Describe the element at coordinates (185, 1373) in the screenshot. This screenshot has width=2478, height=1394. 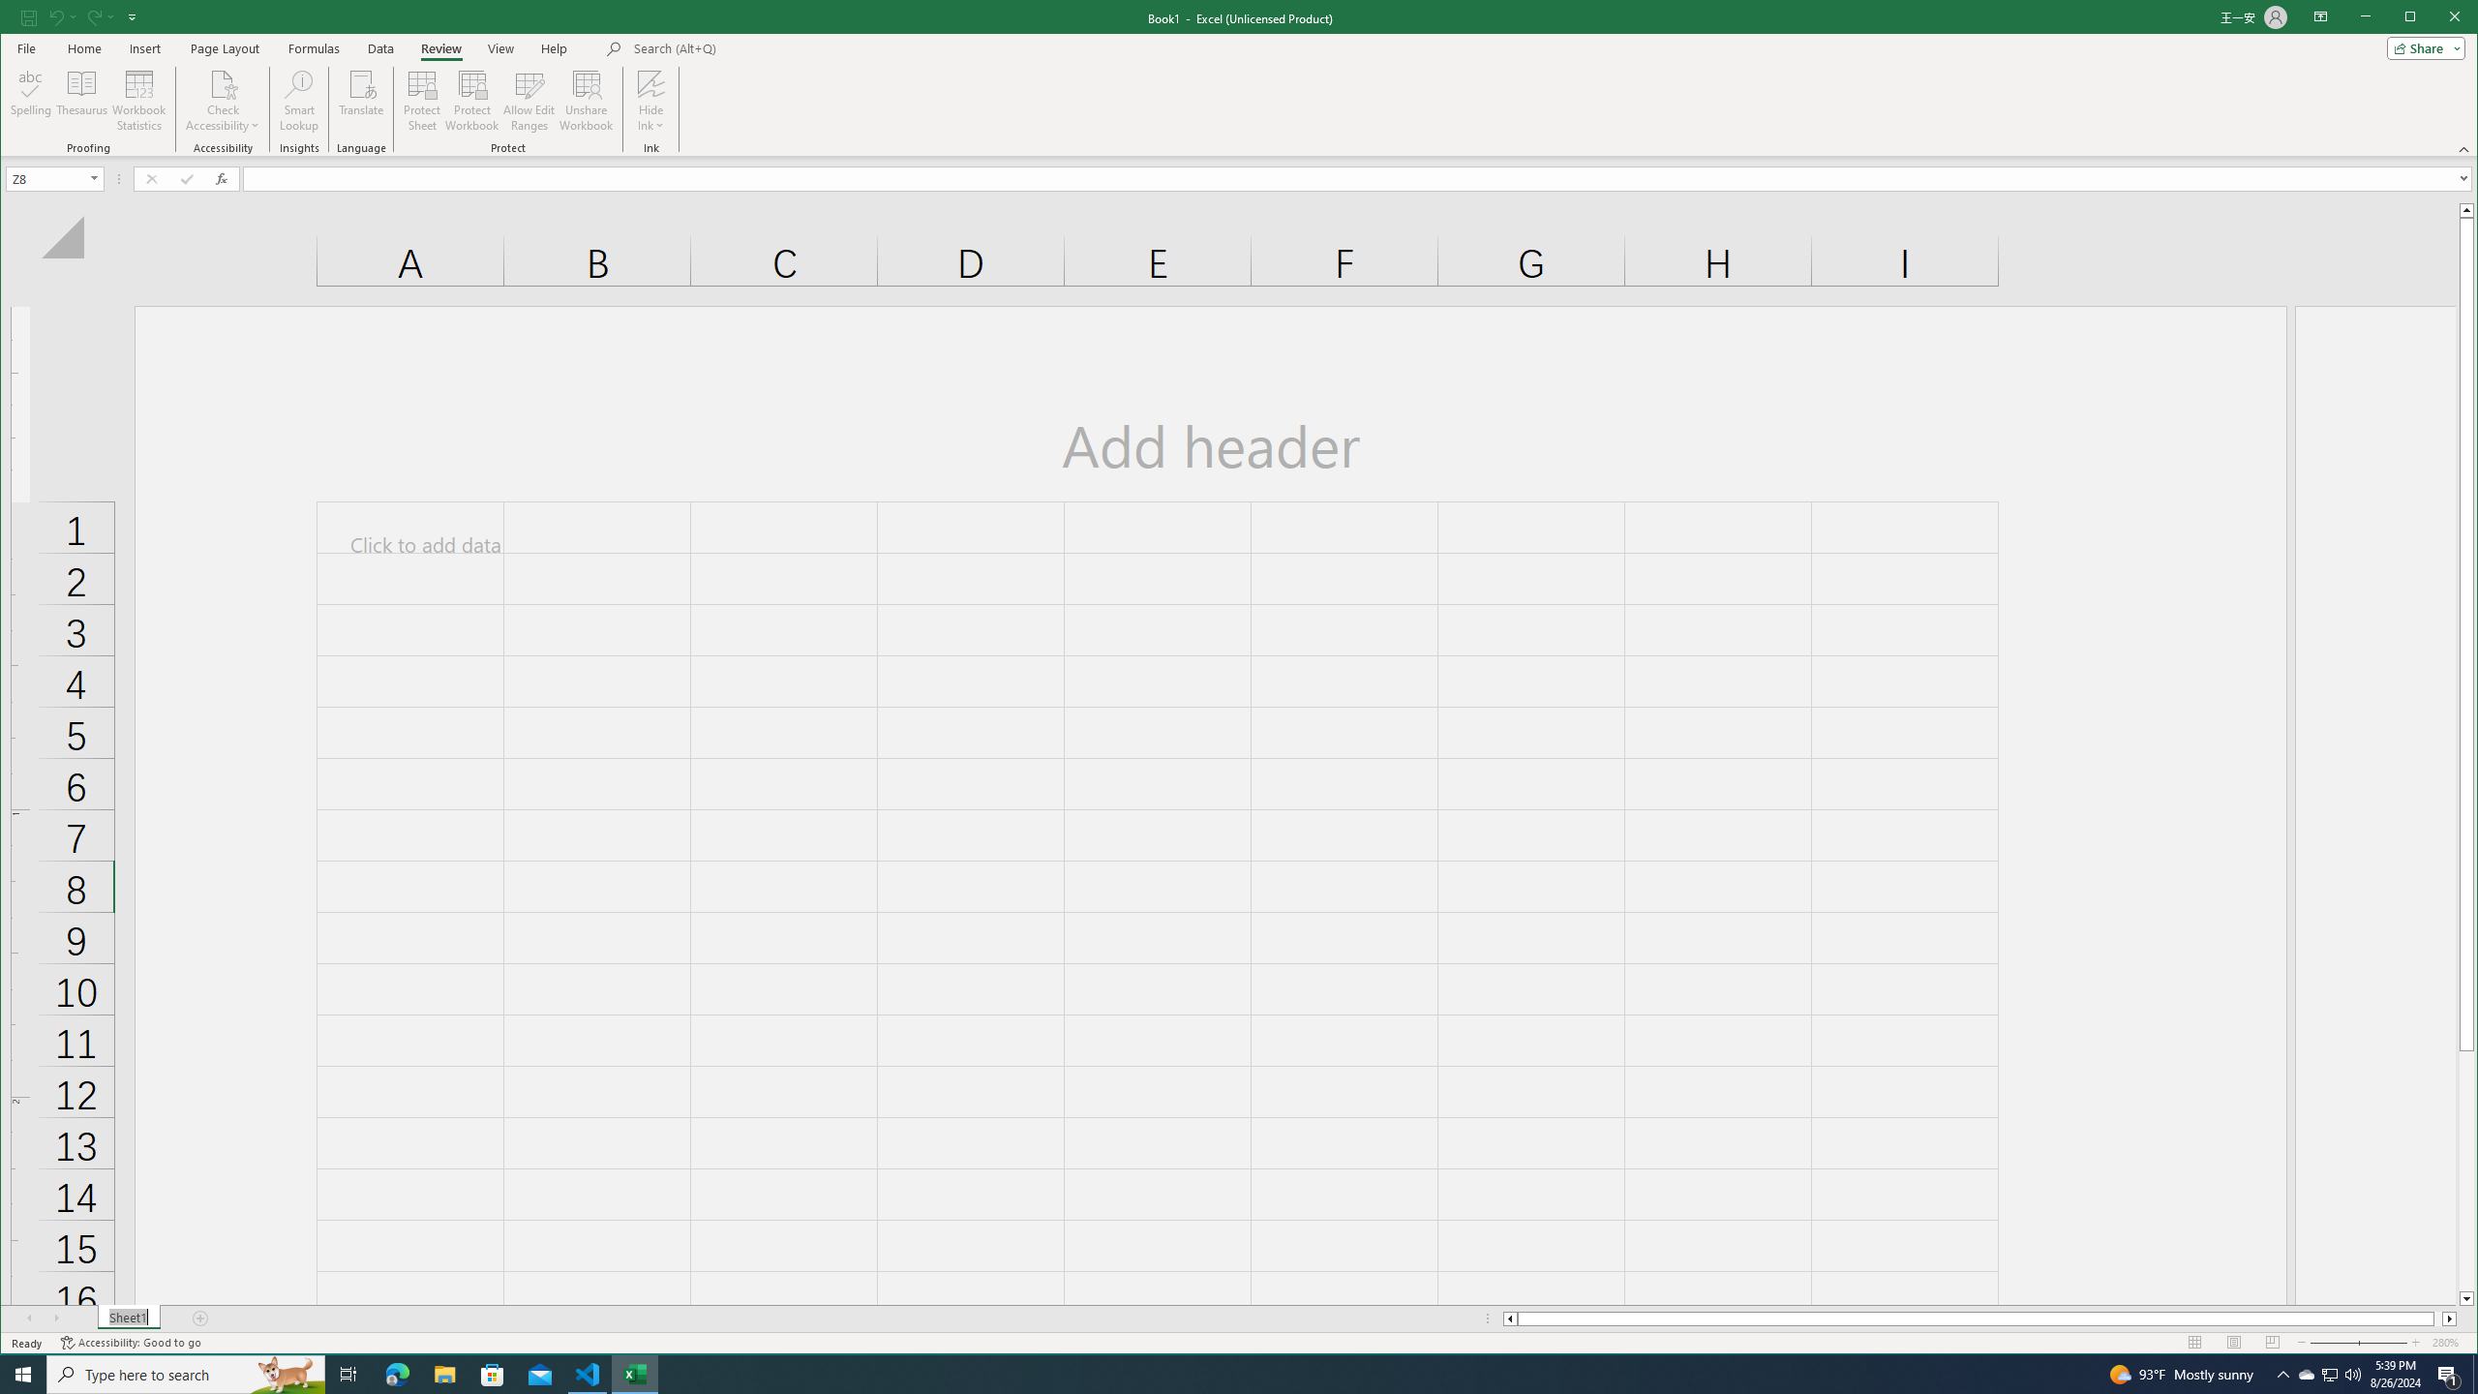
I see `'Type here to search'` at that location.